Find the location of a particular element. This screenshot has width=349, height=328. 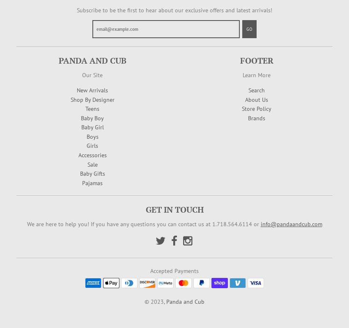

'About Us' is located at coordinates (256, 99).